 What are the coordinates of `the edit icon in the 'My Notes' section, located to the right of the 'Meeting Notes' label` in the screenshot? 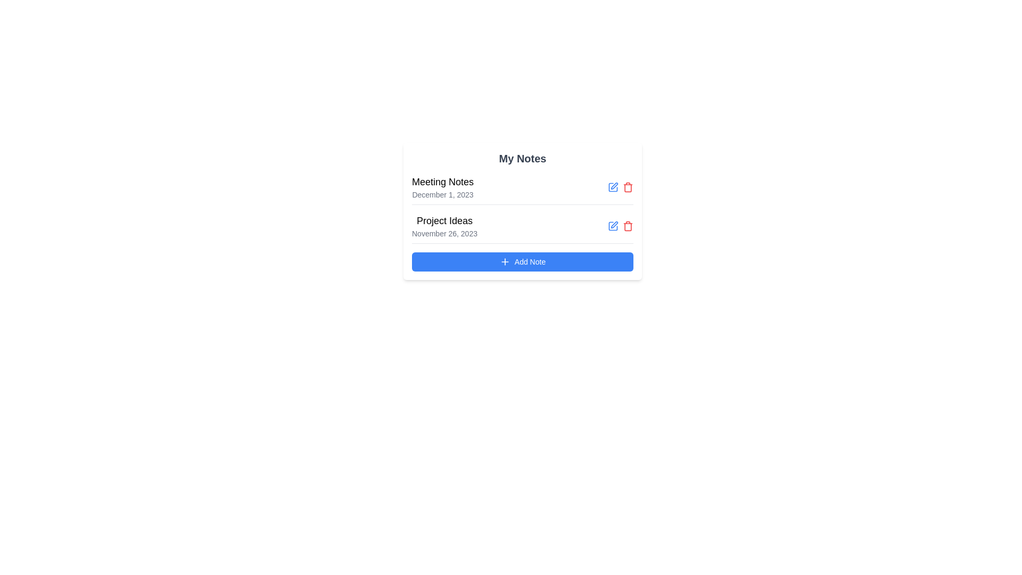 It's located at (613, 225).